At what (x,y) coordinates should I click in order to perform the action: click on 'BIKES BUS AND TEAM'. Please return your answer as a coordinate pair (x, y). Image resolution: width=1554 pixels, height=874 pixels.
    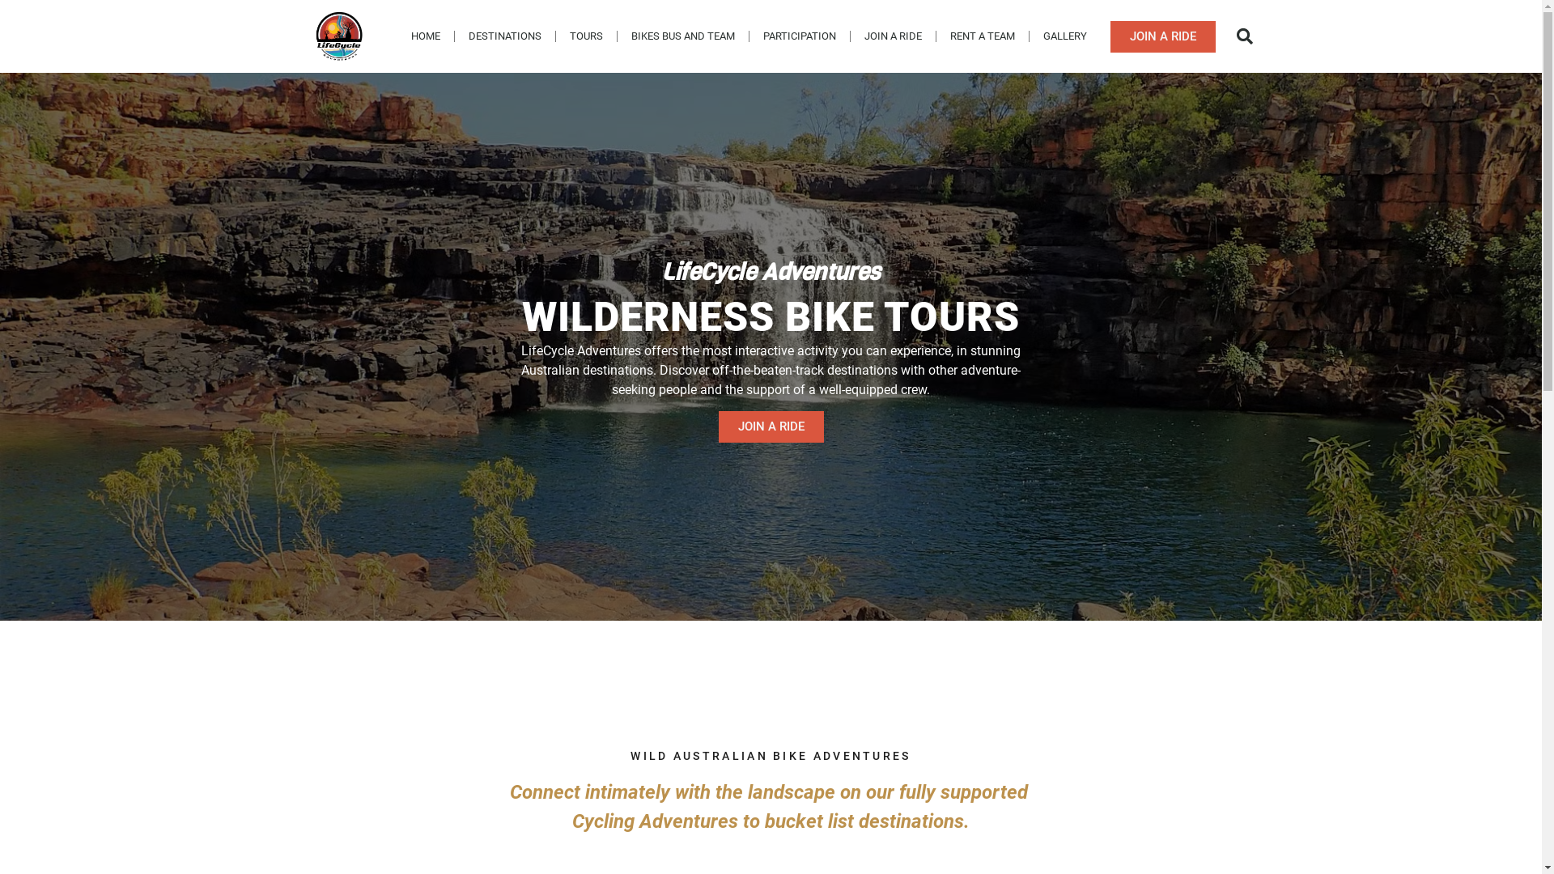
    Looking at the image, I should click on (683, 36).